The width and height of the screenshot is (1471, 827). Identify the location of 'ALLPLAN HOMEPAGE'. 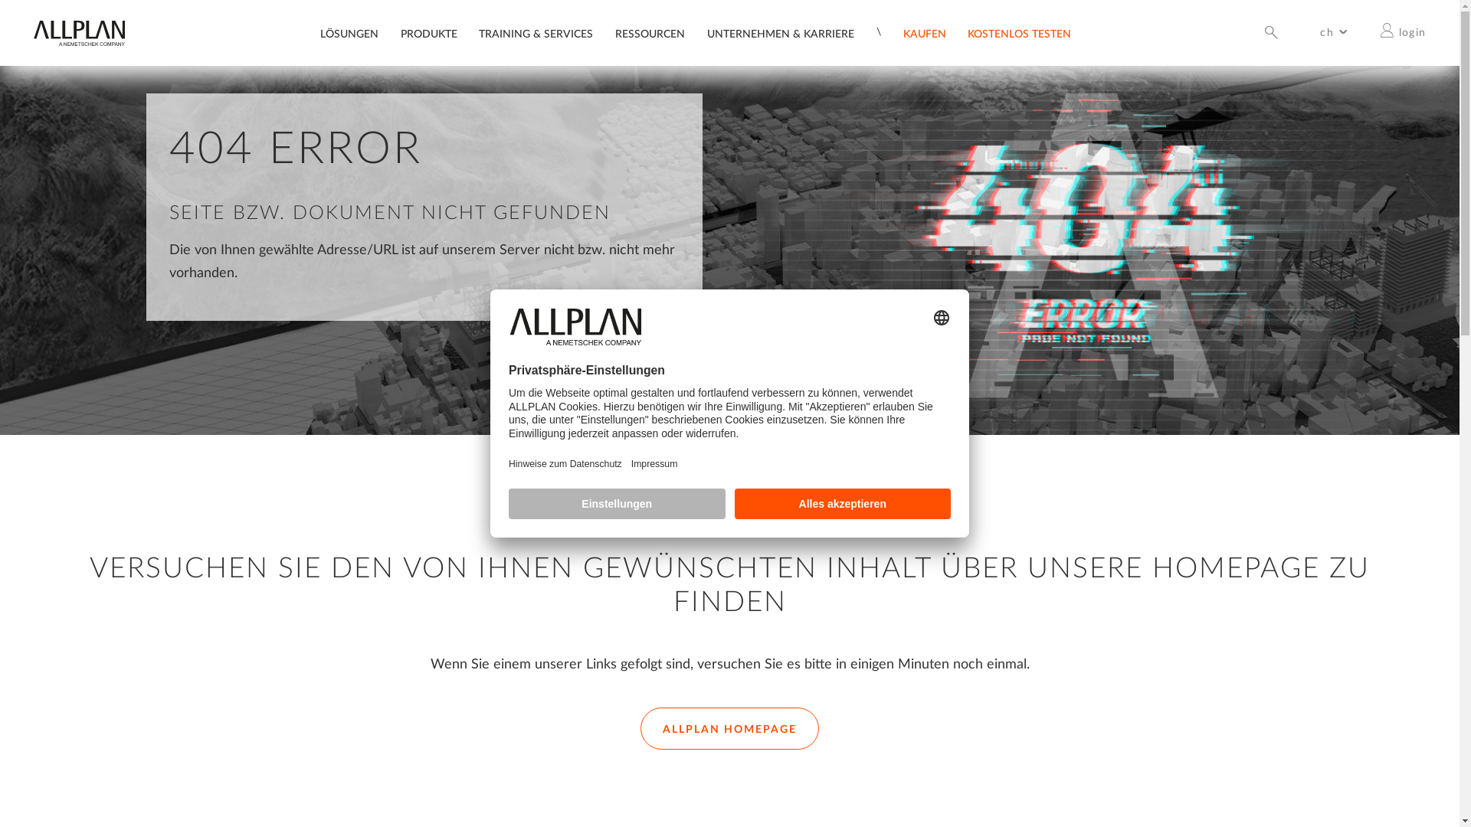
(640, 727).